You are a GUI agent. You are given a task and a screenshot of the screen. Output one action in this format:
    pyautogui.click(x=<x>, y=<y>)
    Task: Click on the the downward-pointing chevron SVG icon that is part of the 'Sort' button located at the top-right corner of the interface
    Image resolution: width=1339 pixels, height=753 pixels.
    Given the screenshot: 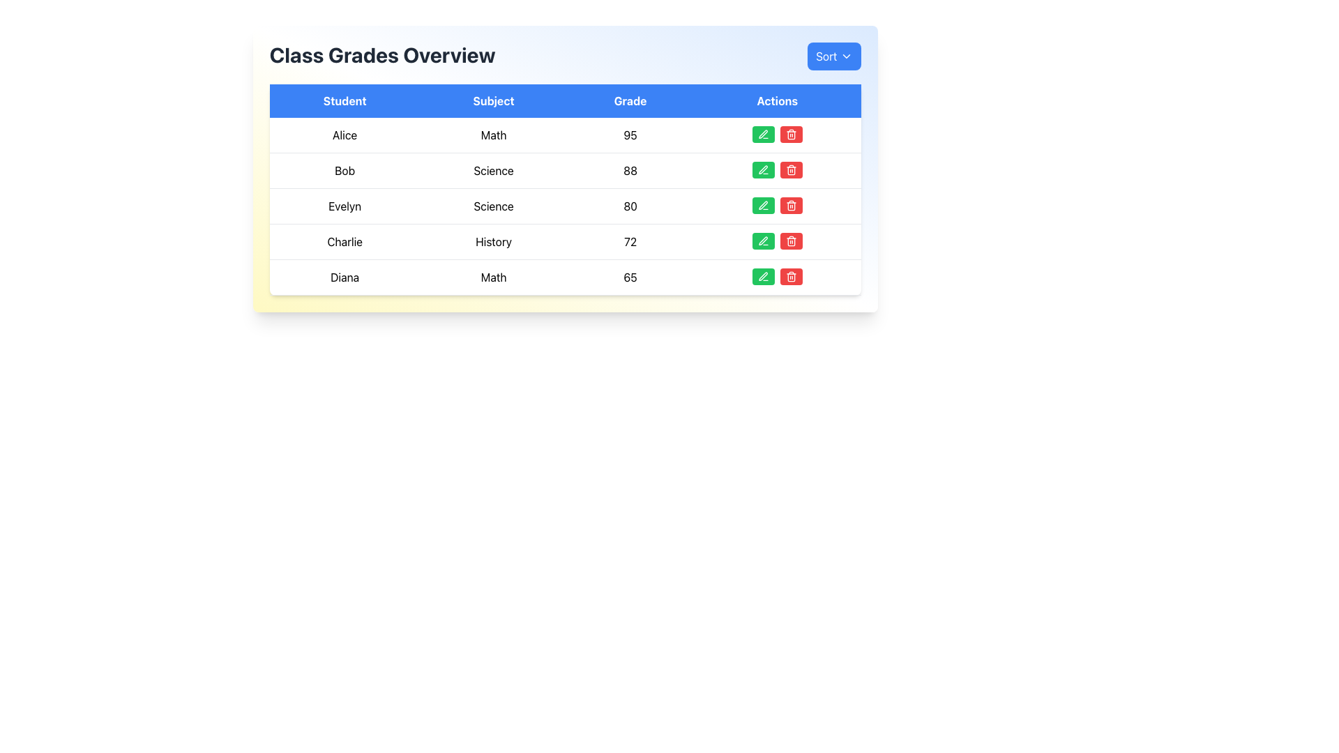 What is the action you would take?
    pyautogui.click(x=845, y=56)
    